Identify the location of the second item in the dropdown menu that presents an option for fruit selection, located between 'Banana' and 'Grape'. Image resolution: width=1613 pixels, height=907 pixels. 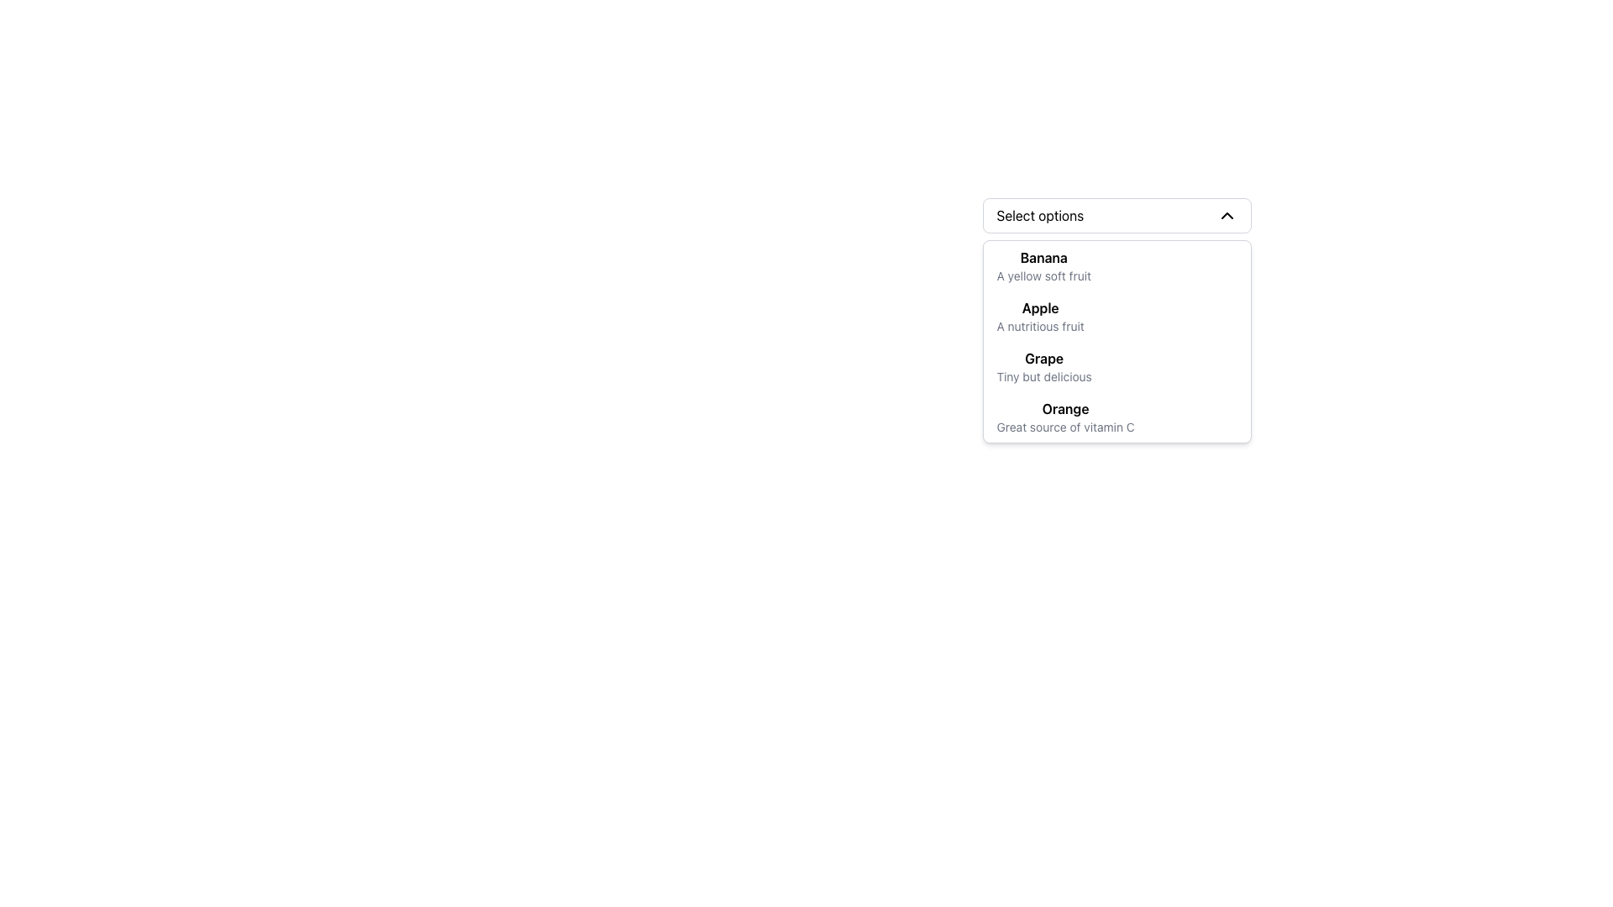
(1039, 317).